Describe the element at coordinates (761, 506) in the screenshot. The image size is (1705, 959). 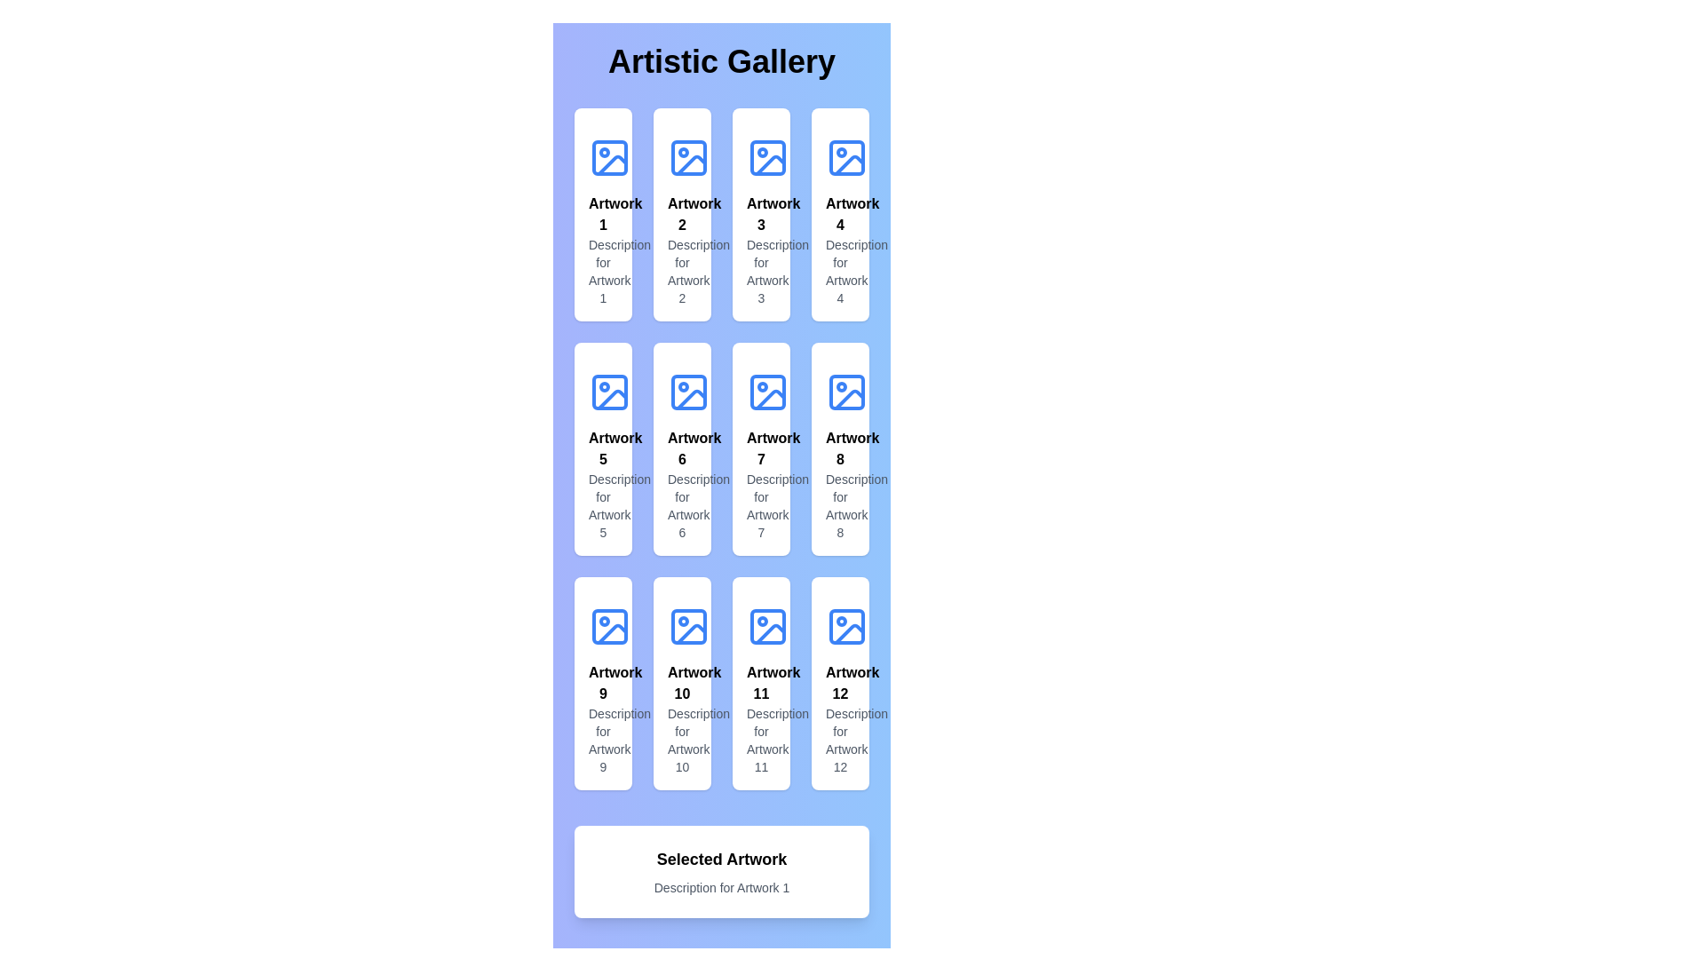
I see `the text label 'Description for Artwork 7' which is styled in a small, centered, gray font and located within a white card below the title 'Artwork 7'` at that location.